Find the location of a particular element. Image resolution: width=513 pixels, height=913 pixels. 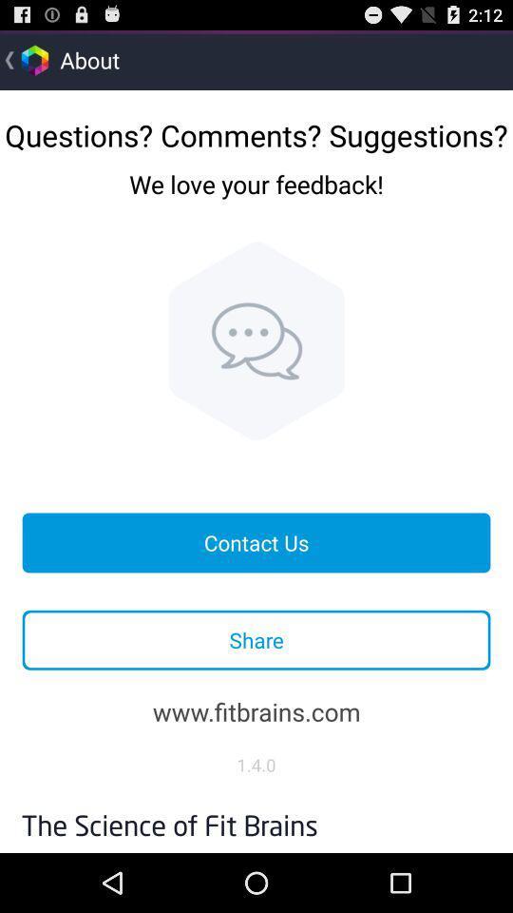

the we love your app is located at coordinates (256, 199).